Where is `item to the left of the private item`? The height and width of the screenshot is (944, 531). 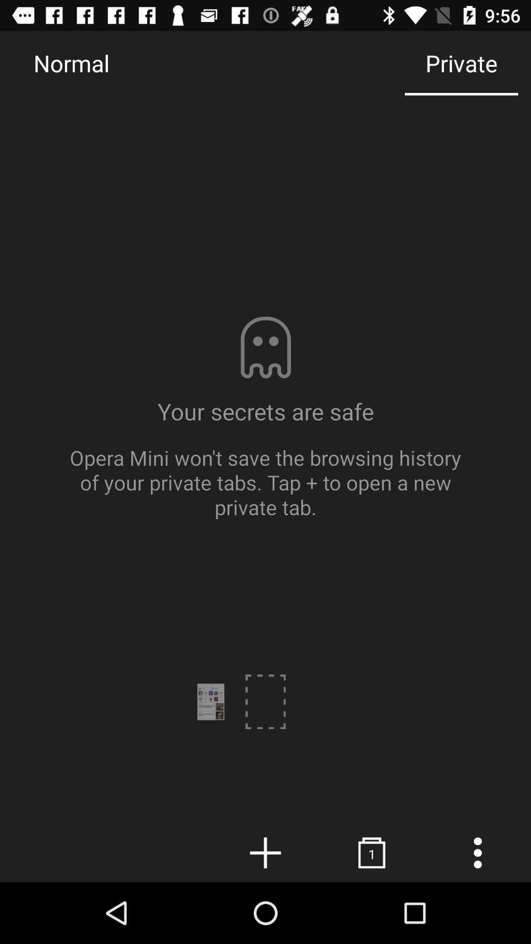 item to the left of the private item is located at coordinates (71, 62).